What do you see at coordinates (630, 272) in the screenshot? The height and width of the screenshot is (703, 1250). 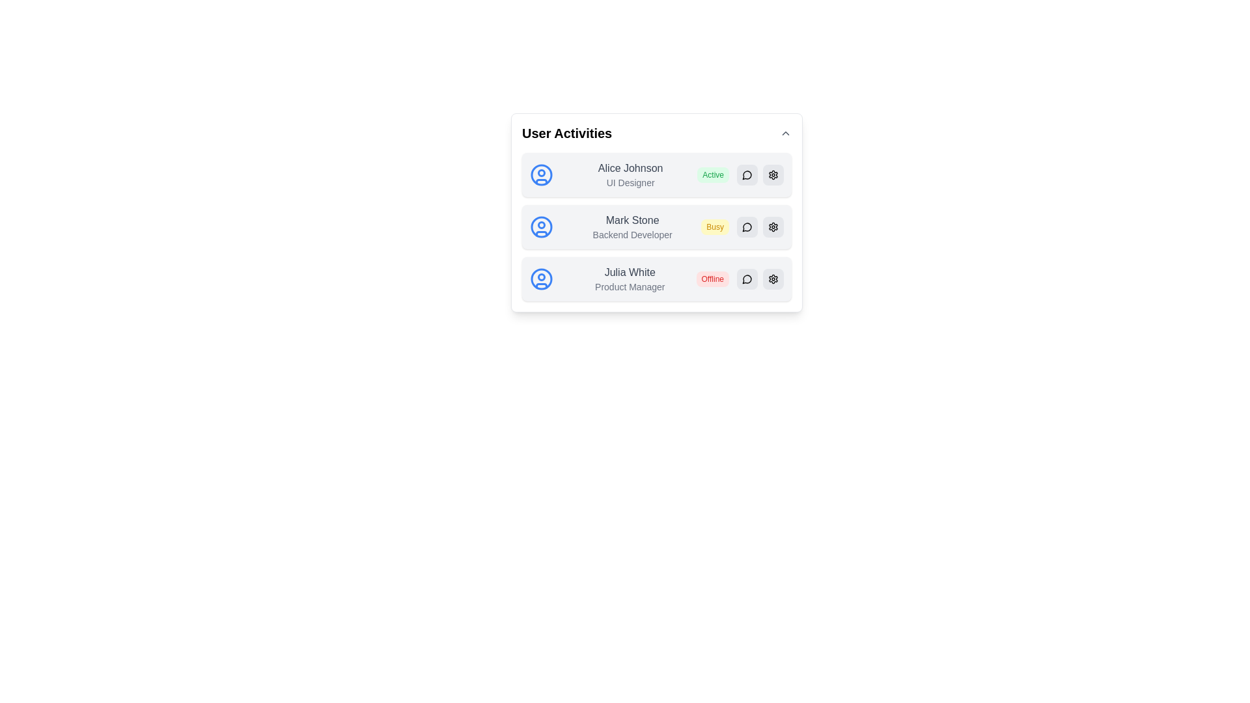 I see `the username Text Label in the user activity panel, which is the top item above the description 'Product Manager'` at bounding box center [630, 272].